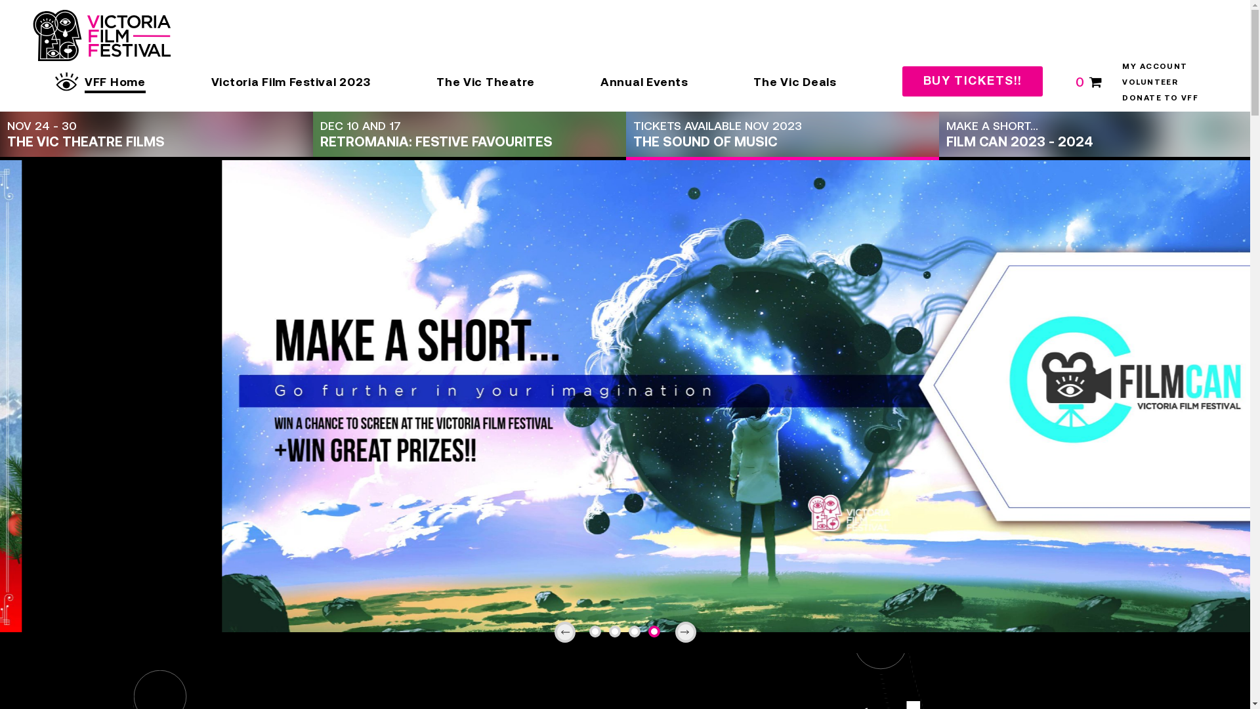 This screenshot has height=709, width=1260. Describe the element at coordinates (290, 81) in the screenshot. I see `'Victoria Film Festival 2023'` at that location.